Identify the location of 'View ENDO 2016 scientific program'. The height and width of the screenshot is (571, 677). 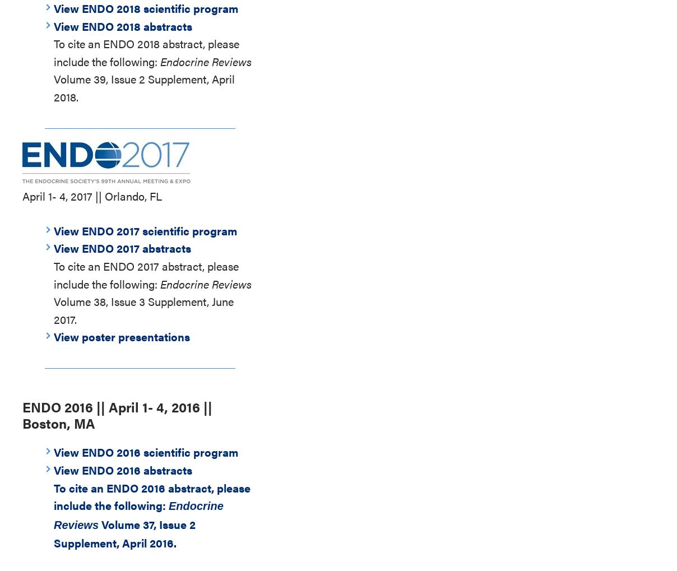
(146, 452).